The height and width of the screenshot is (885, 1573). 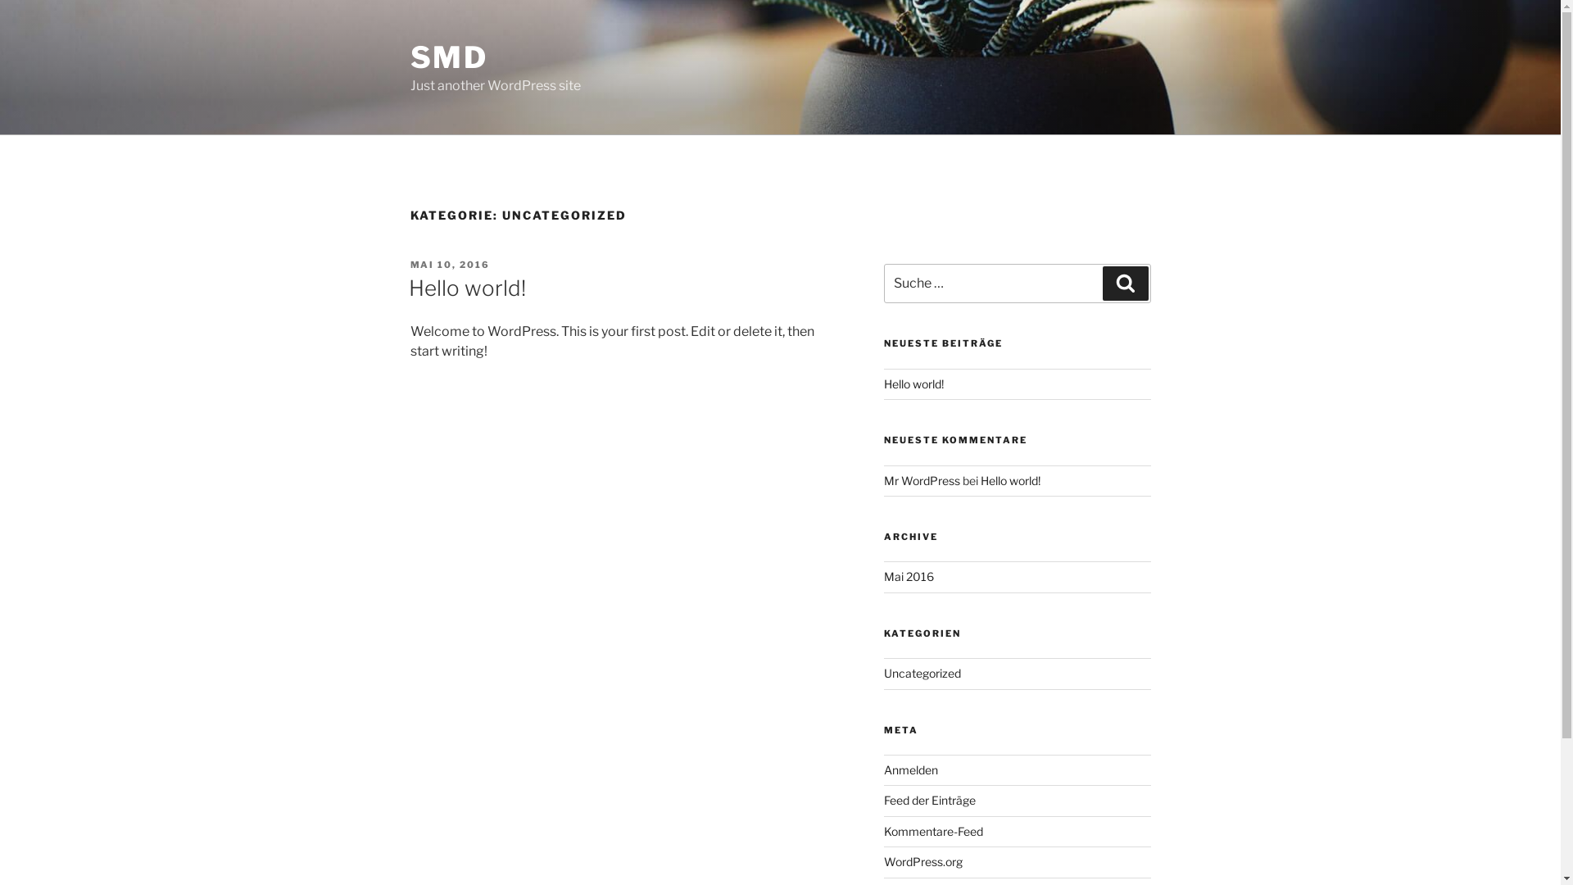 What do you see at coordinates (1009, 479) in the screenshot?
I see `'Hello world!'` at bounding box center [1009, 479].